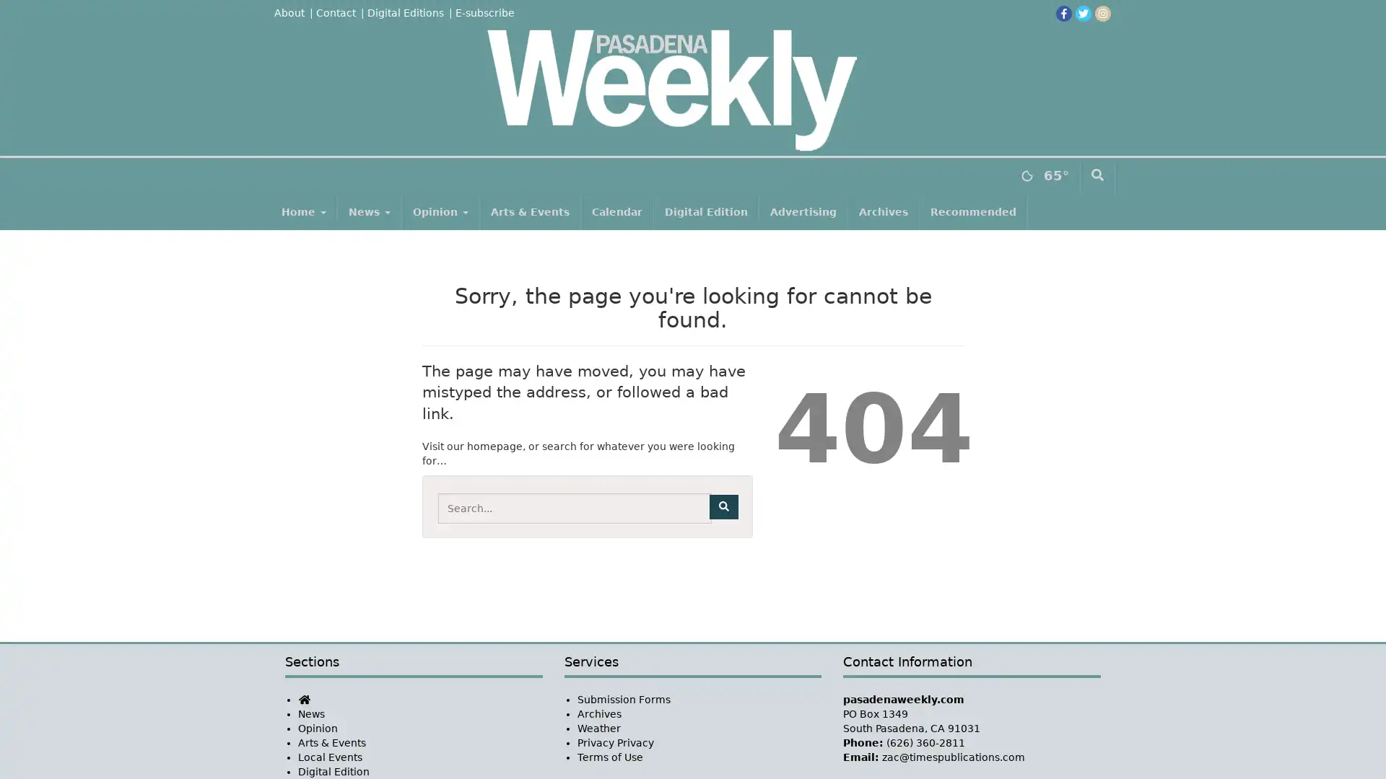 This screenshot has width=1386, height=779. I want to click on Search, so click(723, 506).